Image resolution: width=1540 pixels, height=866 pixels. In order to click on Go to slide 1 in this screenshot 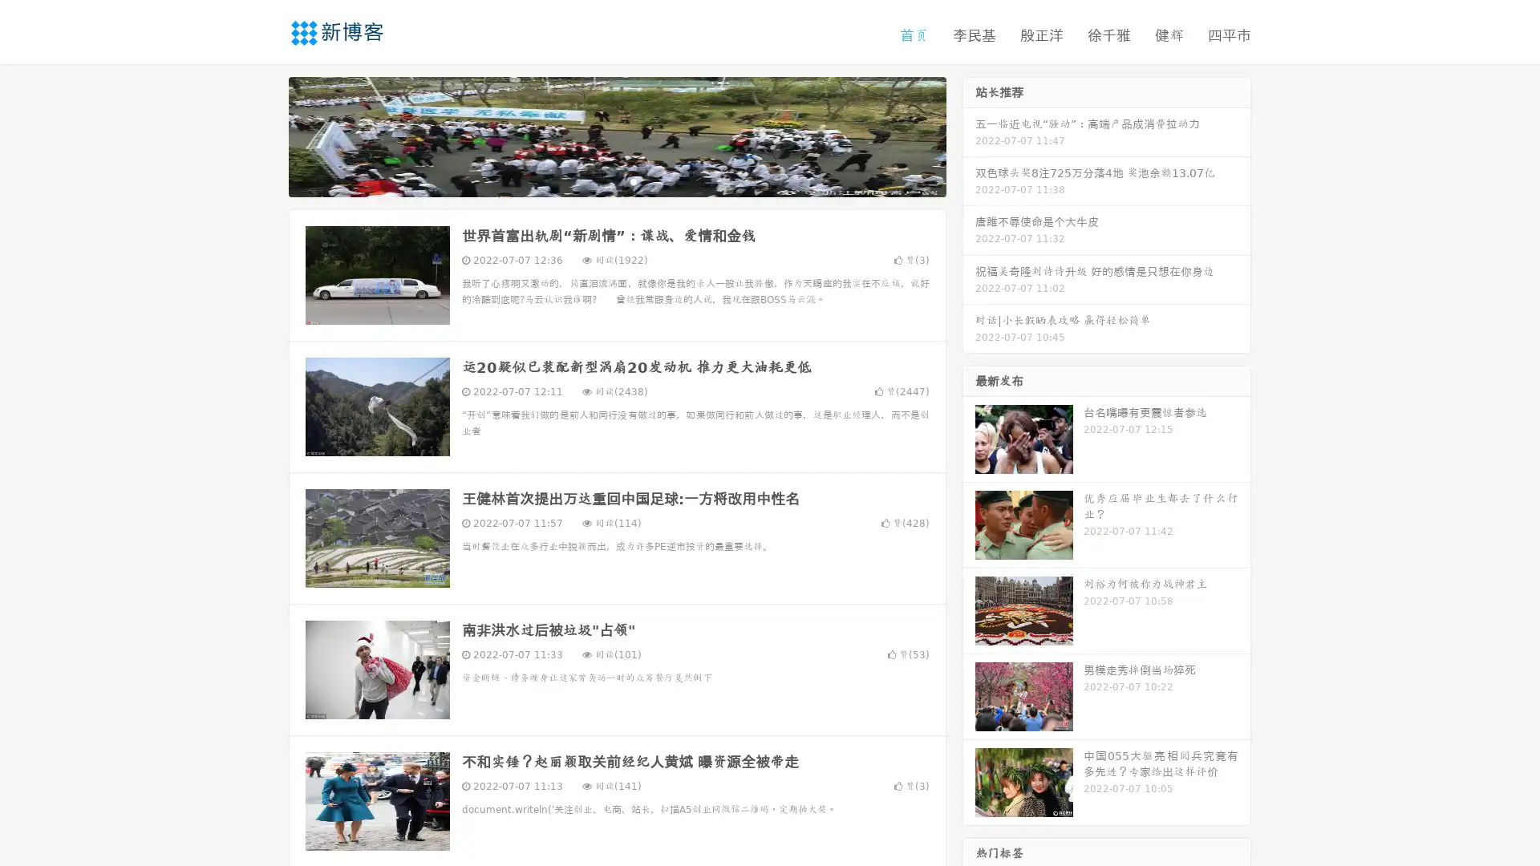, I will do `click(600, 180)`.